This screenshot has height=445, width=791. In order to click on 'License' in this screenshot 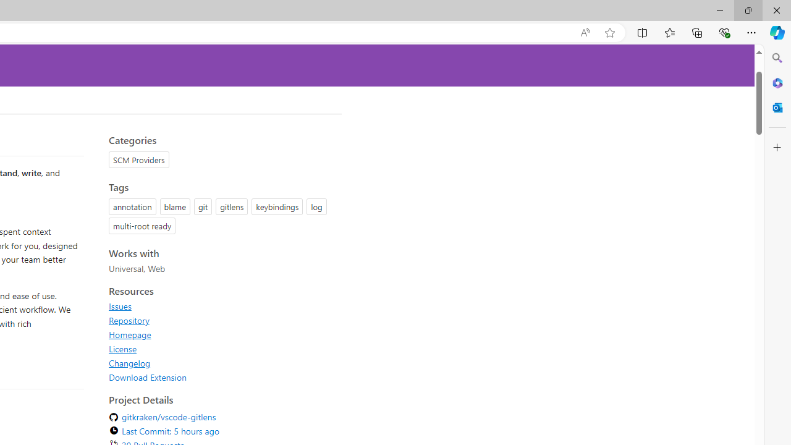, I will do `click(123, 349)`.